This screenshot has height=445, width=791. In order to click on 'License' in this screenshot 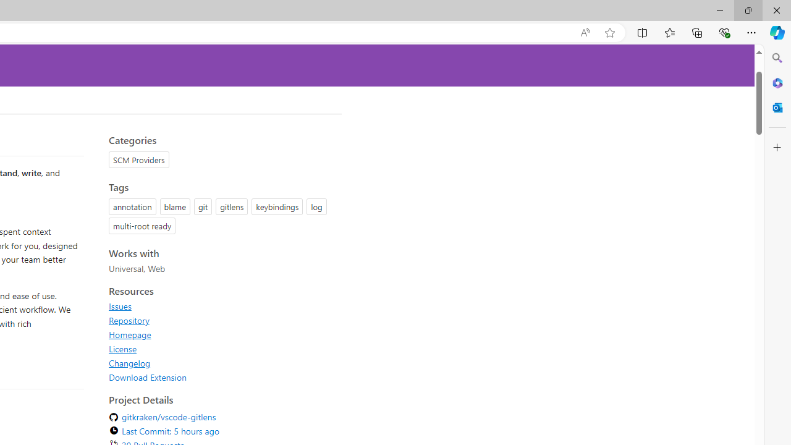, I will do `click(123, 349)`.